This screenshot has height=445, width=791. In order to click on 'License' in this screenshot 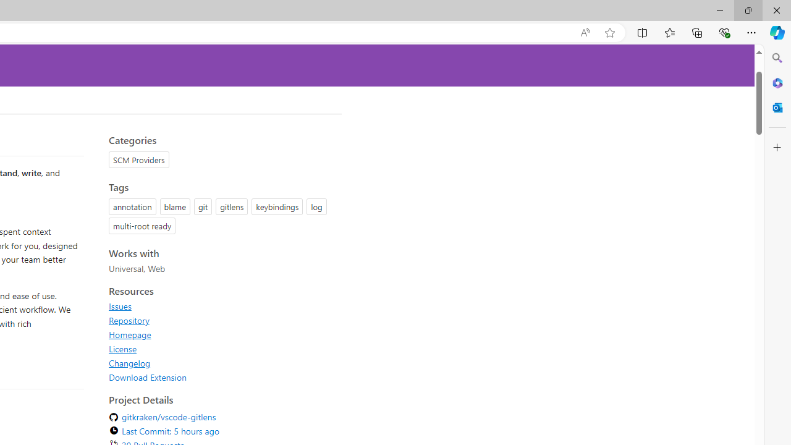, I will do `click(123, 349)`.